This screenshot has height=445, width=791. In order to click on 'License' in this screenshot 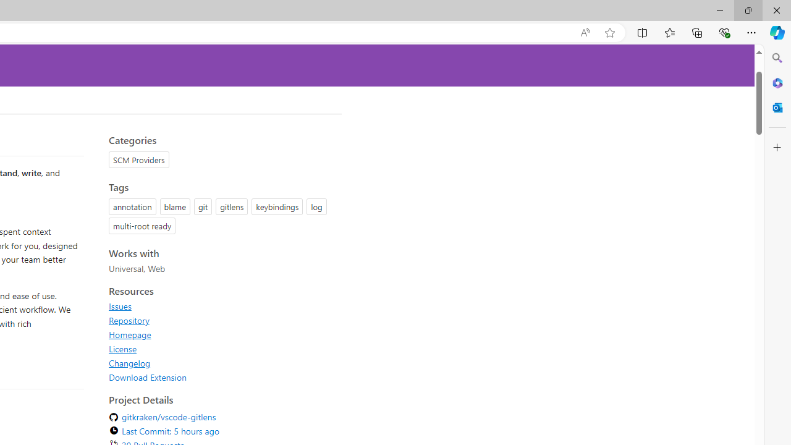, I will do `click(123, 349)`.